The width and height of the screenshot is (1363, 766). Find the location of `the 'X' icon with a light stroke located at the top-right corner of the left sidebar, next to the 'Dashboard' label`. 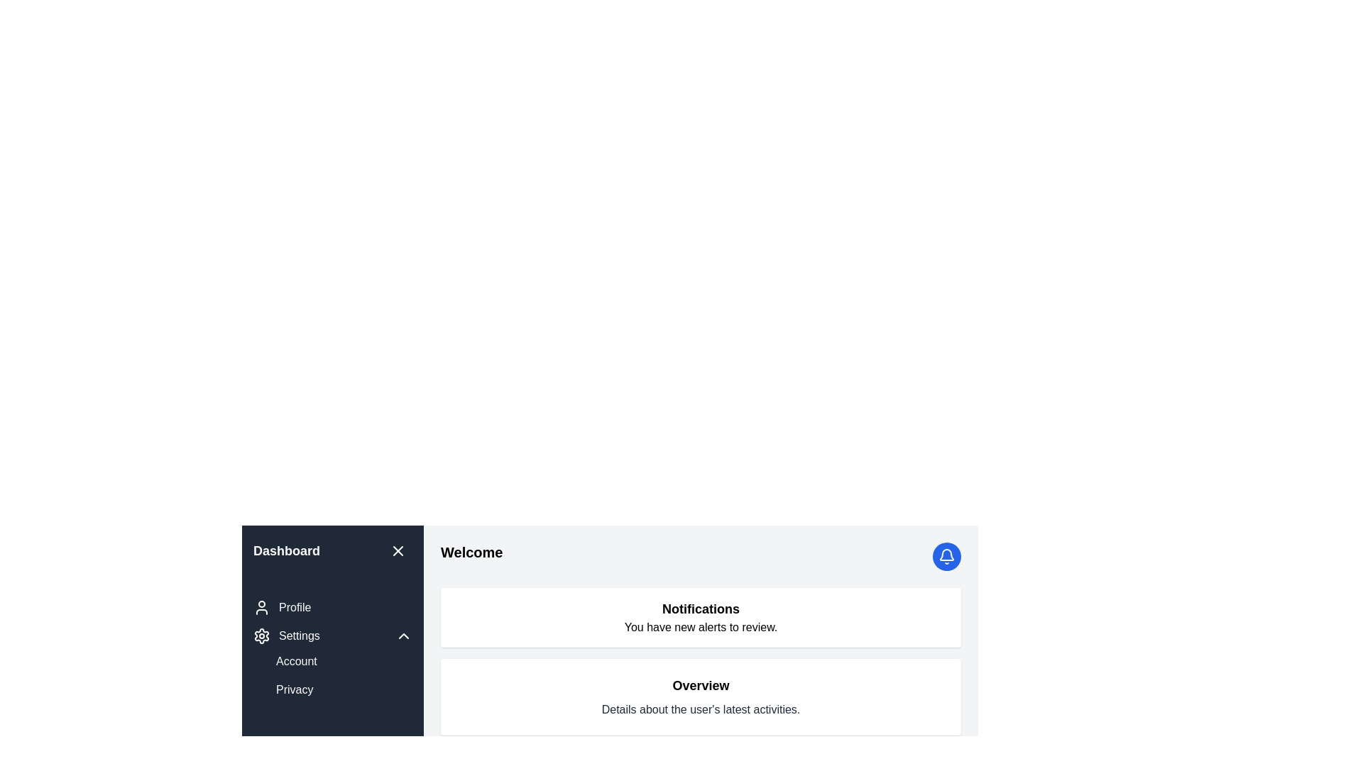

the 'X' icon with a light stroke located at the top-right corner of the left sidebar, next to the 'Dashboard' label is located at coordinates (398, 550).